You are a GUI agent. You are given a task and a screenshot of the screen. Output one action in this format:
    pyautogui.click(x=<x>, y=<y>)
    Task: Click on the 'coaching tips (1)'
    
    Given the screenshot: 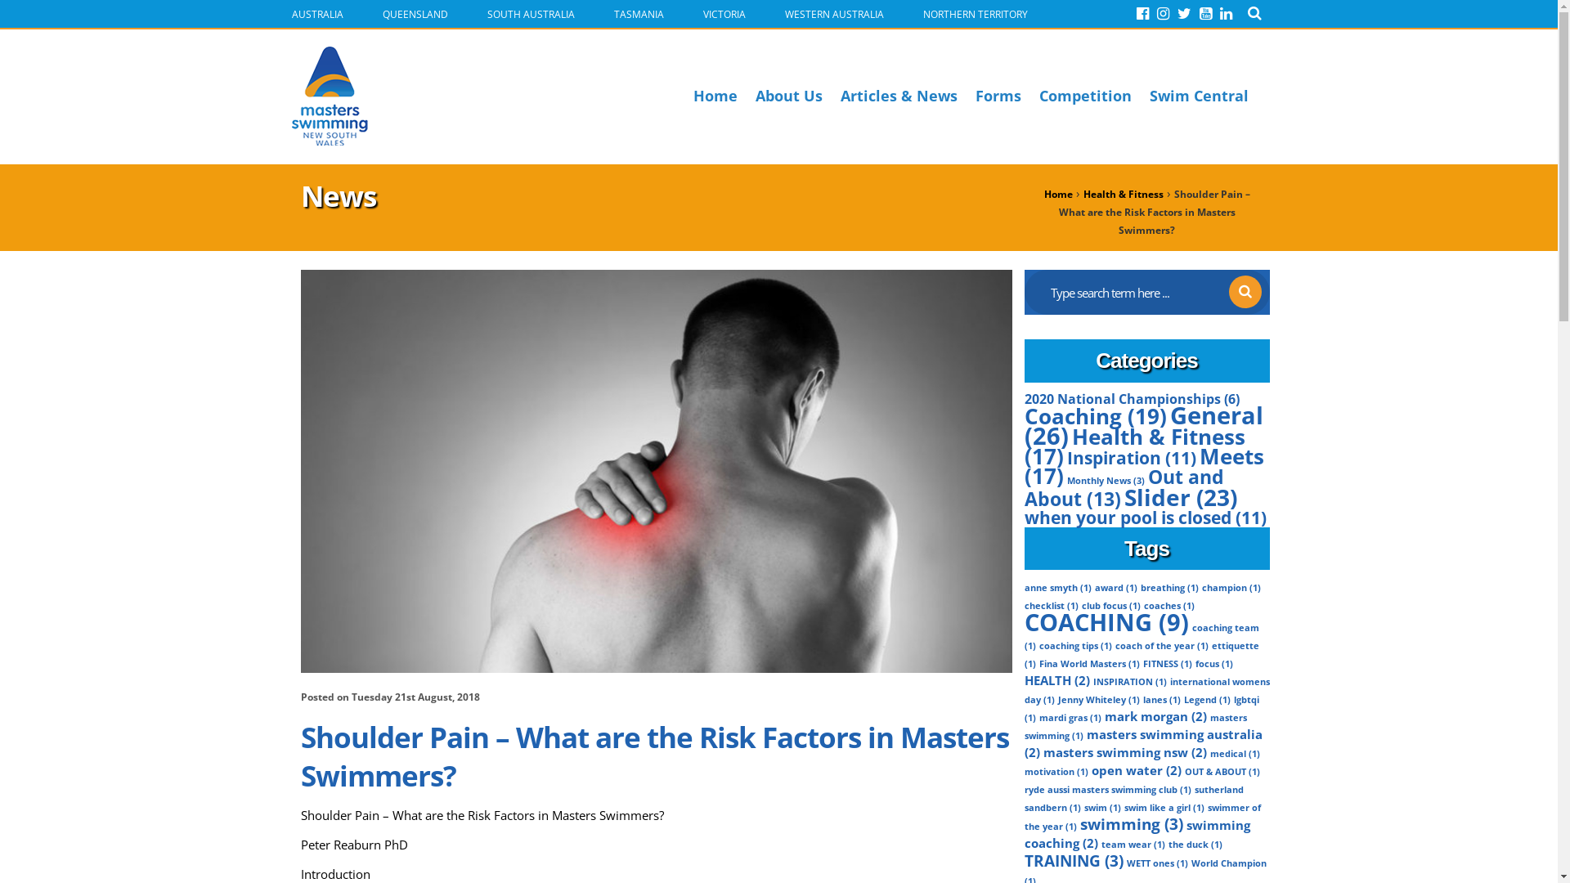 What is the action you would take?
    pyautogui.click(x=1074, y=645)
    